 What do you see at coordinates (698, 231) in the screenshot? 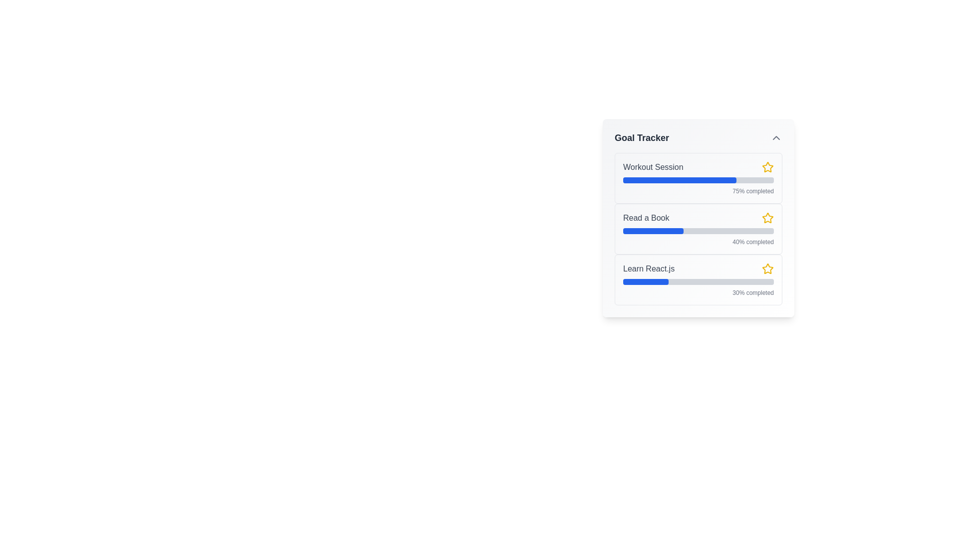
I see `the progress bar representing the 'Read a Book' goal, which visually indicates 40% completion and is located below the 'Read a Book' label and above the '40% completed' text` at bounding box center [698, 231].